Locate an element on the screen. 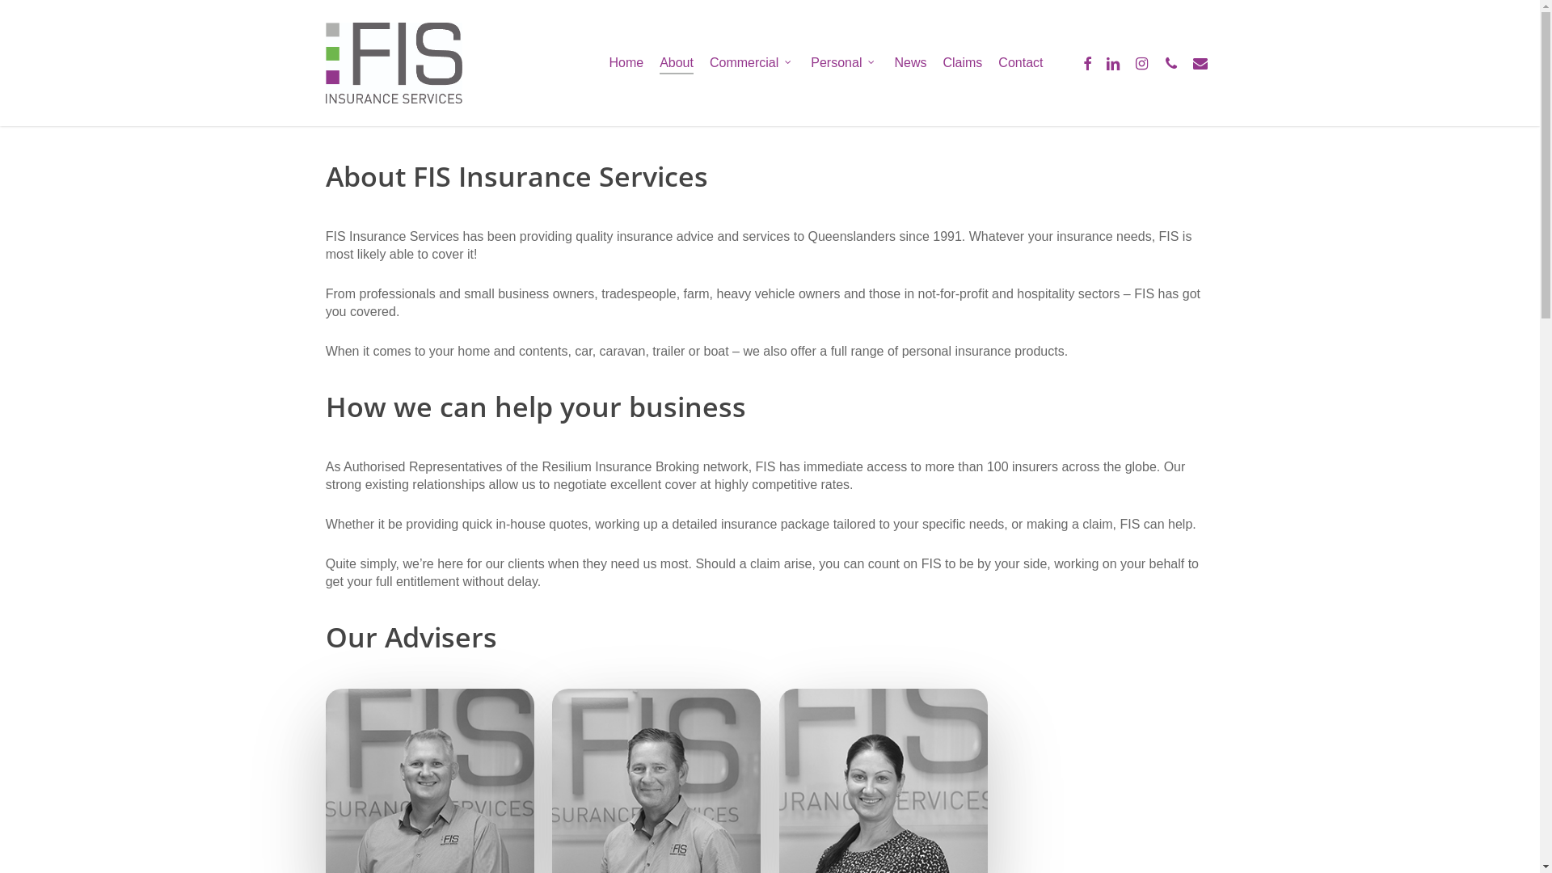 This screenshot has height=873, width=1552. 'linkedin' is located at coordinates (1098, 61).